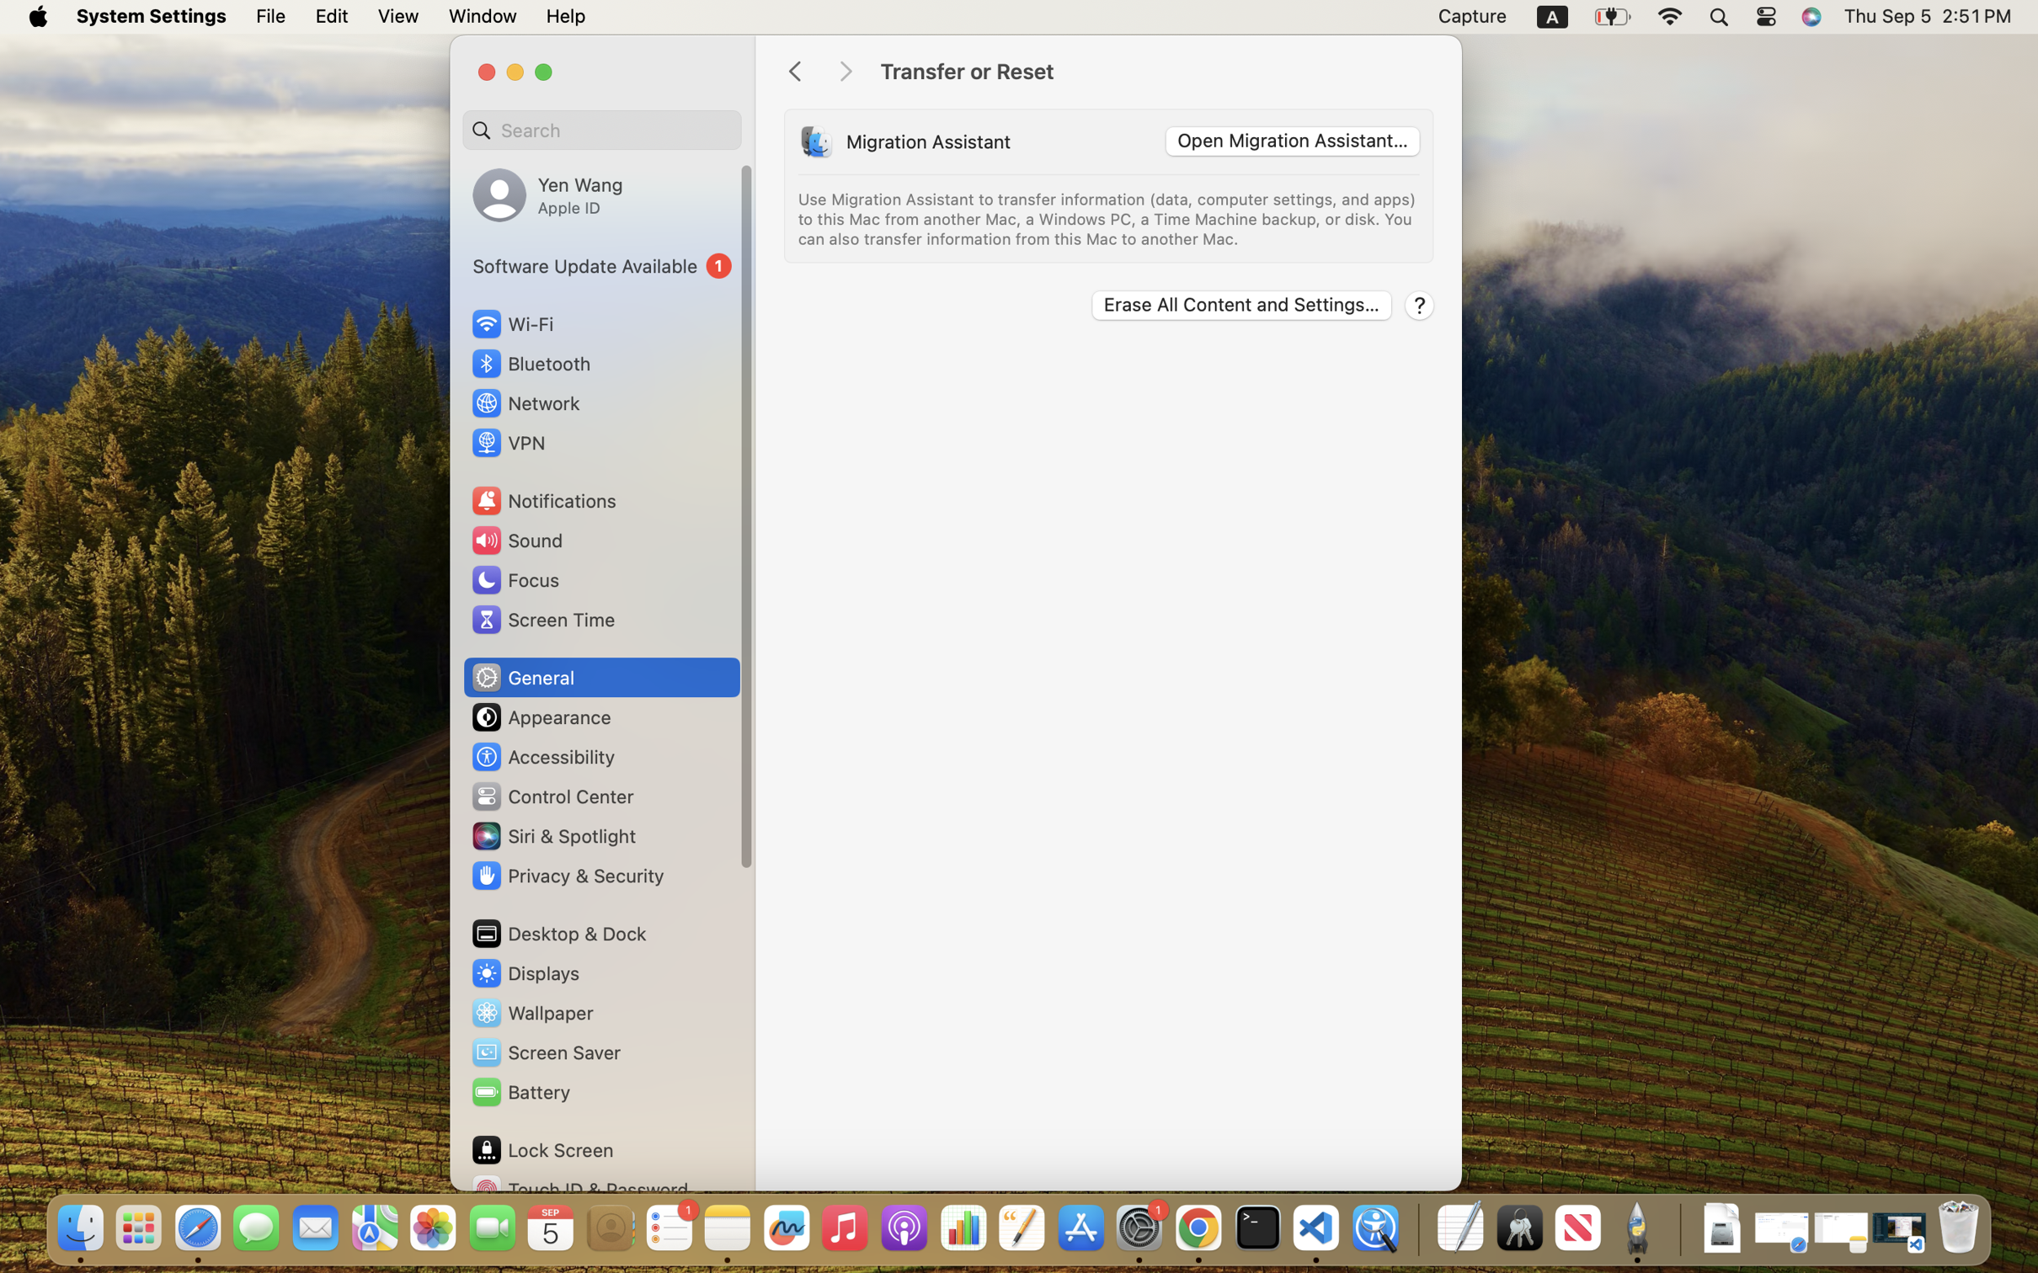 Image resolution: width=2038 pixels, height=1273 pixels. I want to click on 'Yen Wang, Apple ID', so click(547, 194).